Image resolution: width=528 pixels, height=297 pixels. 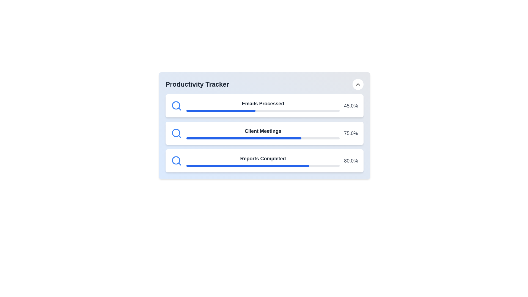 What do you see at coordinates (358, 84) in the screenshot?
I see `the button with an upward chevron symbol located on the right side of the 'Productivity Tracker' heading` at bounding box center [358, 84].